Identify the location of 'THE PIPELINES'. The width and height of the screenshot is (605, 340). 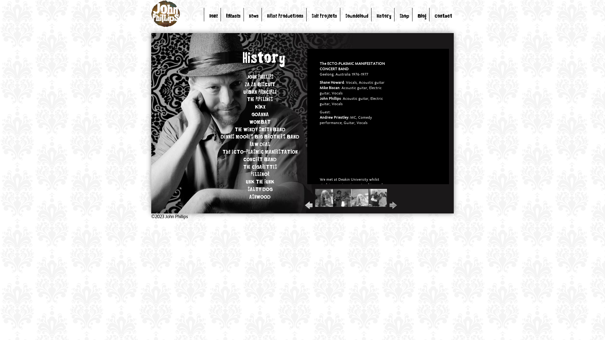
(260, 99).